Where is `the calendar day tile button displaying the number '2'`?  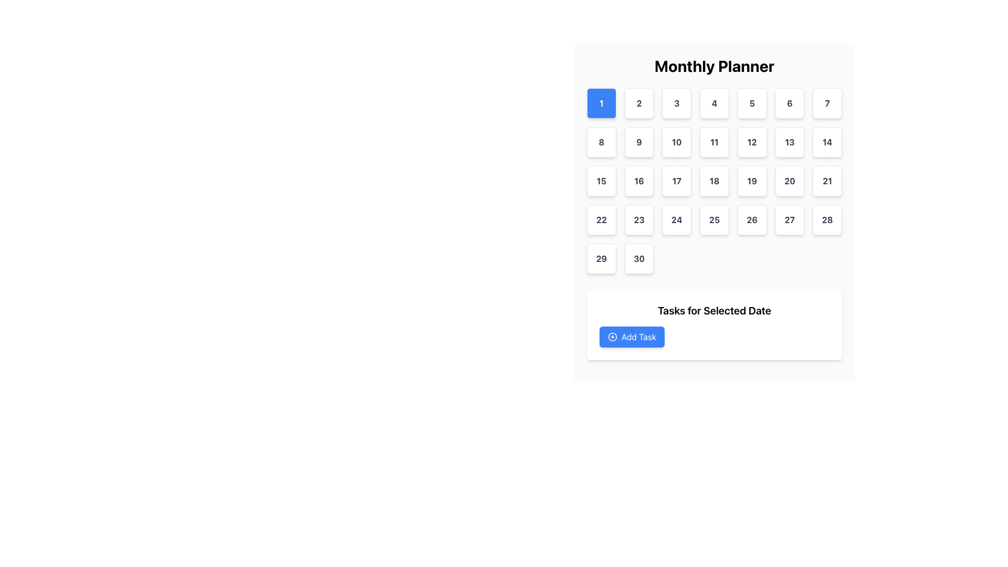
the calendar day tile button displaying the number '2' is located at coordinates (638, 103).